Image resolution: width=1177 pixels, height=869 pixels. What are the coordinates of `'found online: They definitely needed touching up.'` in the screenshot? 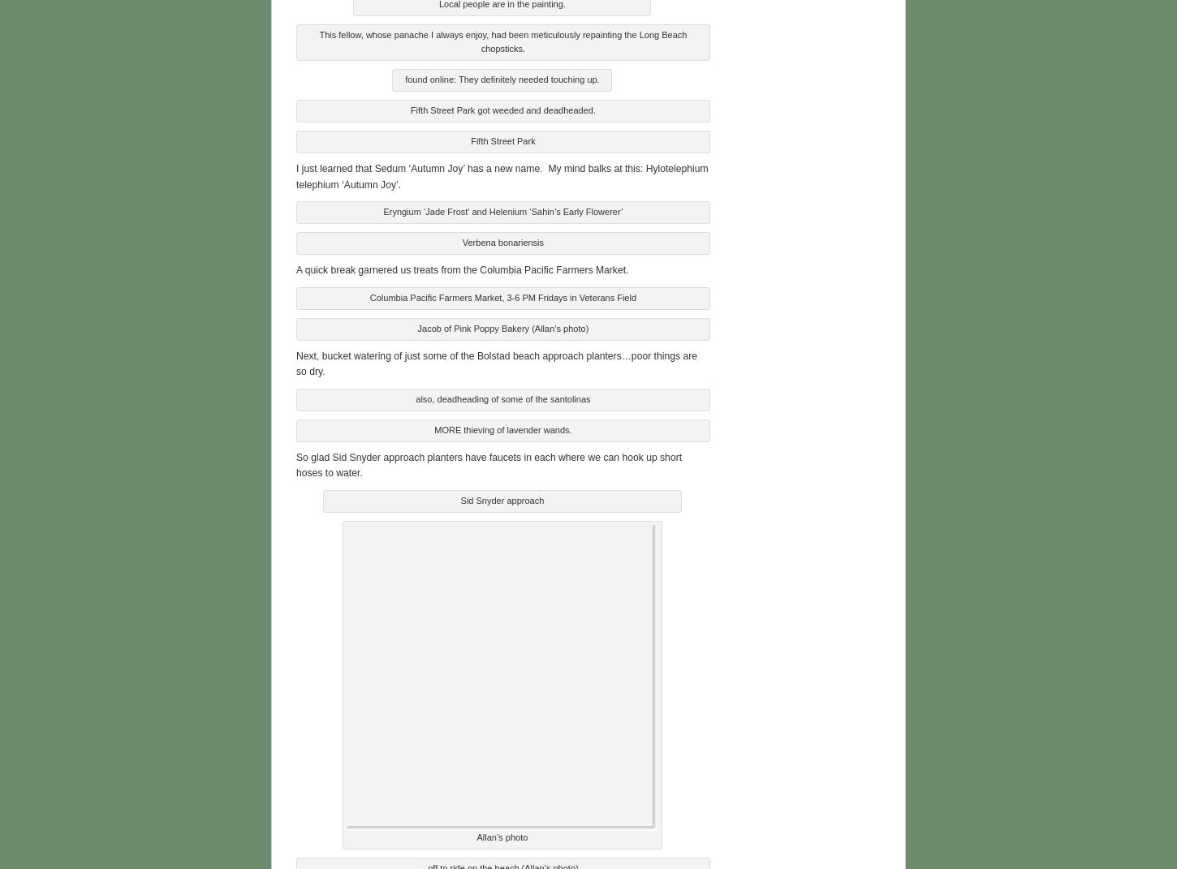 It's located at (501, 77).